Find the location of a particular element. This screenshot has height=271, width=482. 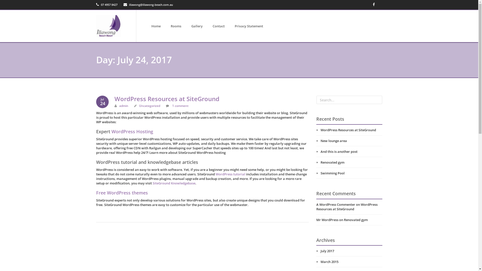

'Swimming Pool' is located at coordinates (316, 173).